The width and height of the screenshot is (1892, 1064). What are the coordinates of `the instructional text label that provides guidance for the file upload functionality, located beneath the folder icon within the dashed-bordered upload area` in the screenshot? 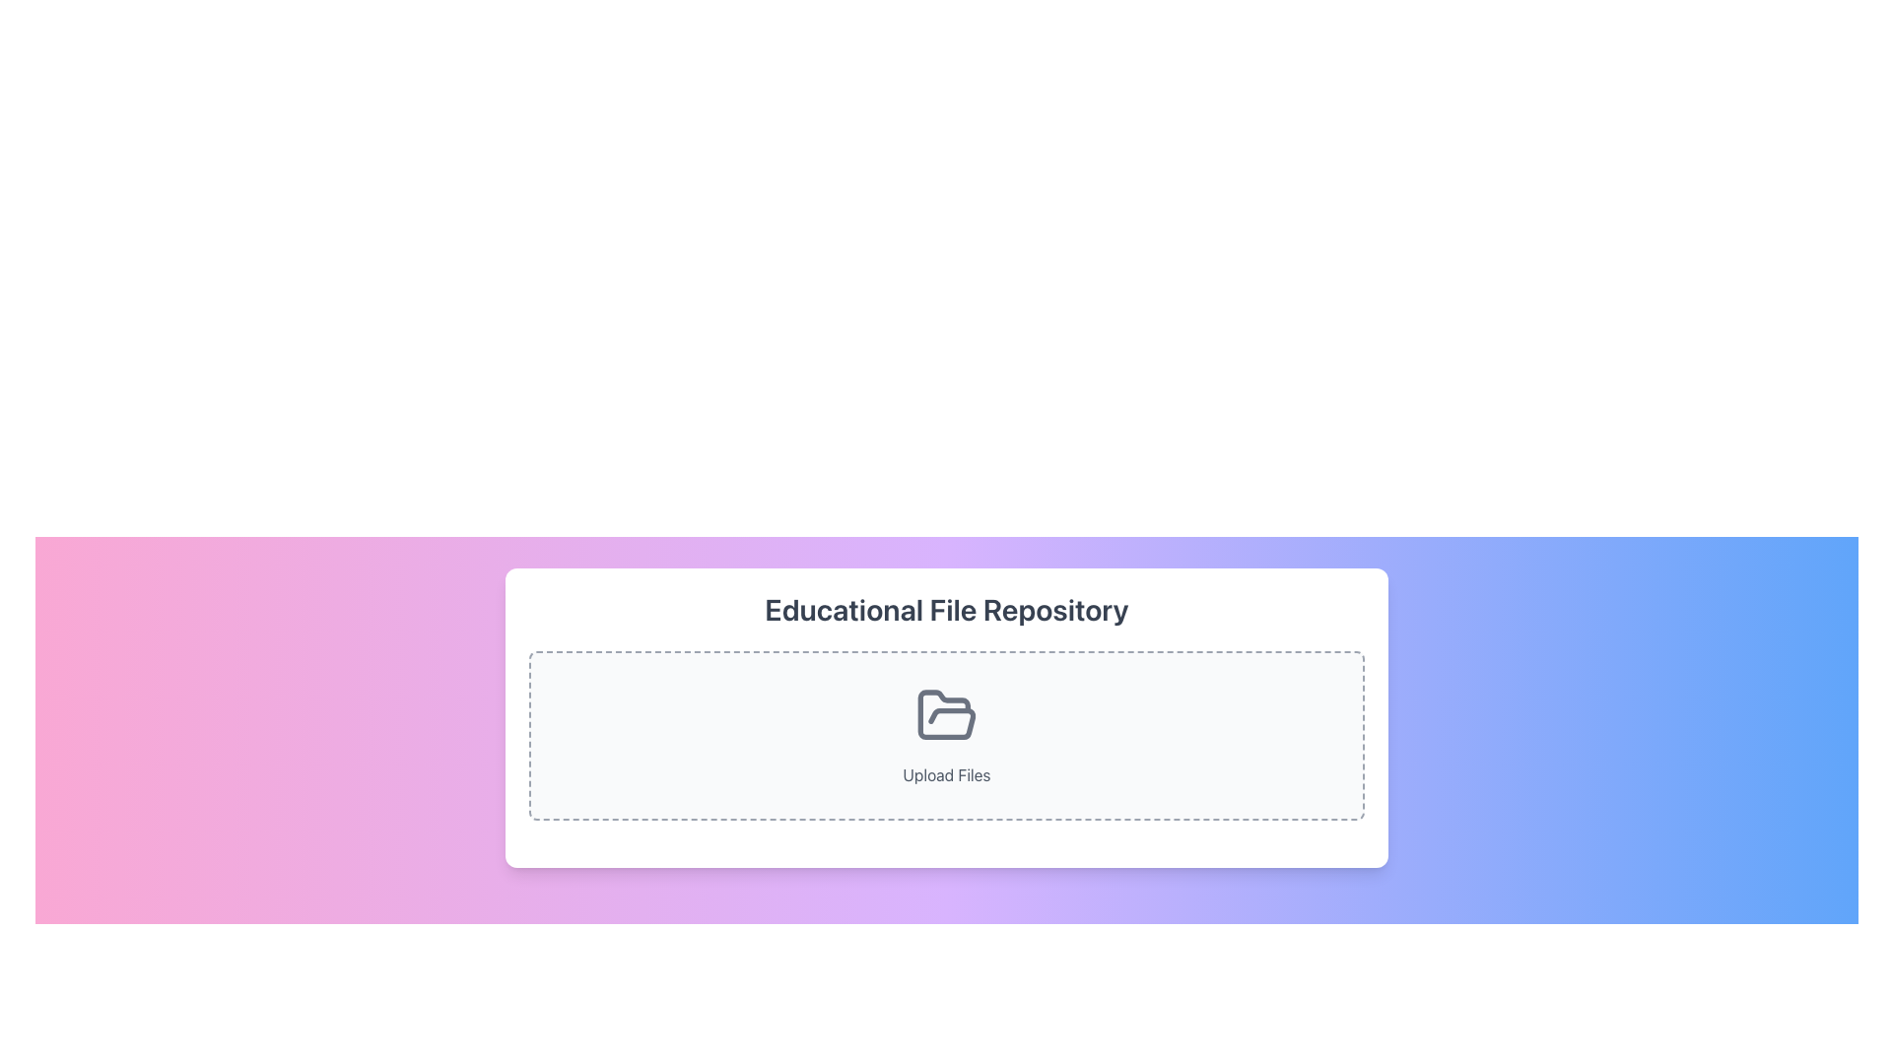 It's located at (946, 773).